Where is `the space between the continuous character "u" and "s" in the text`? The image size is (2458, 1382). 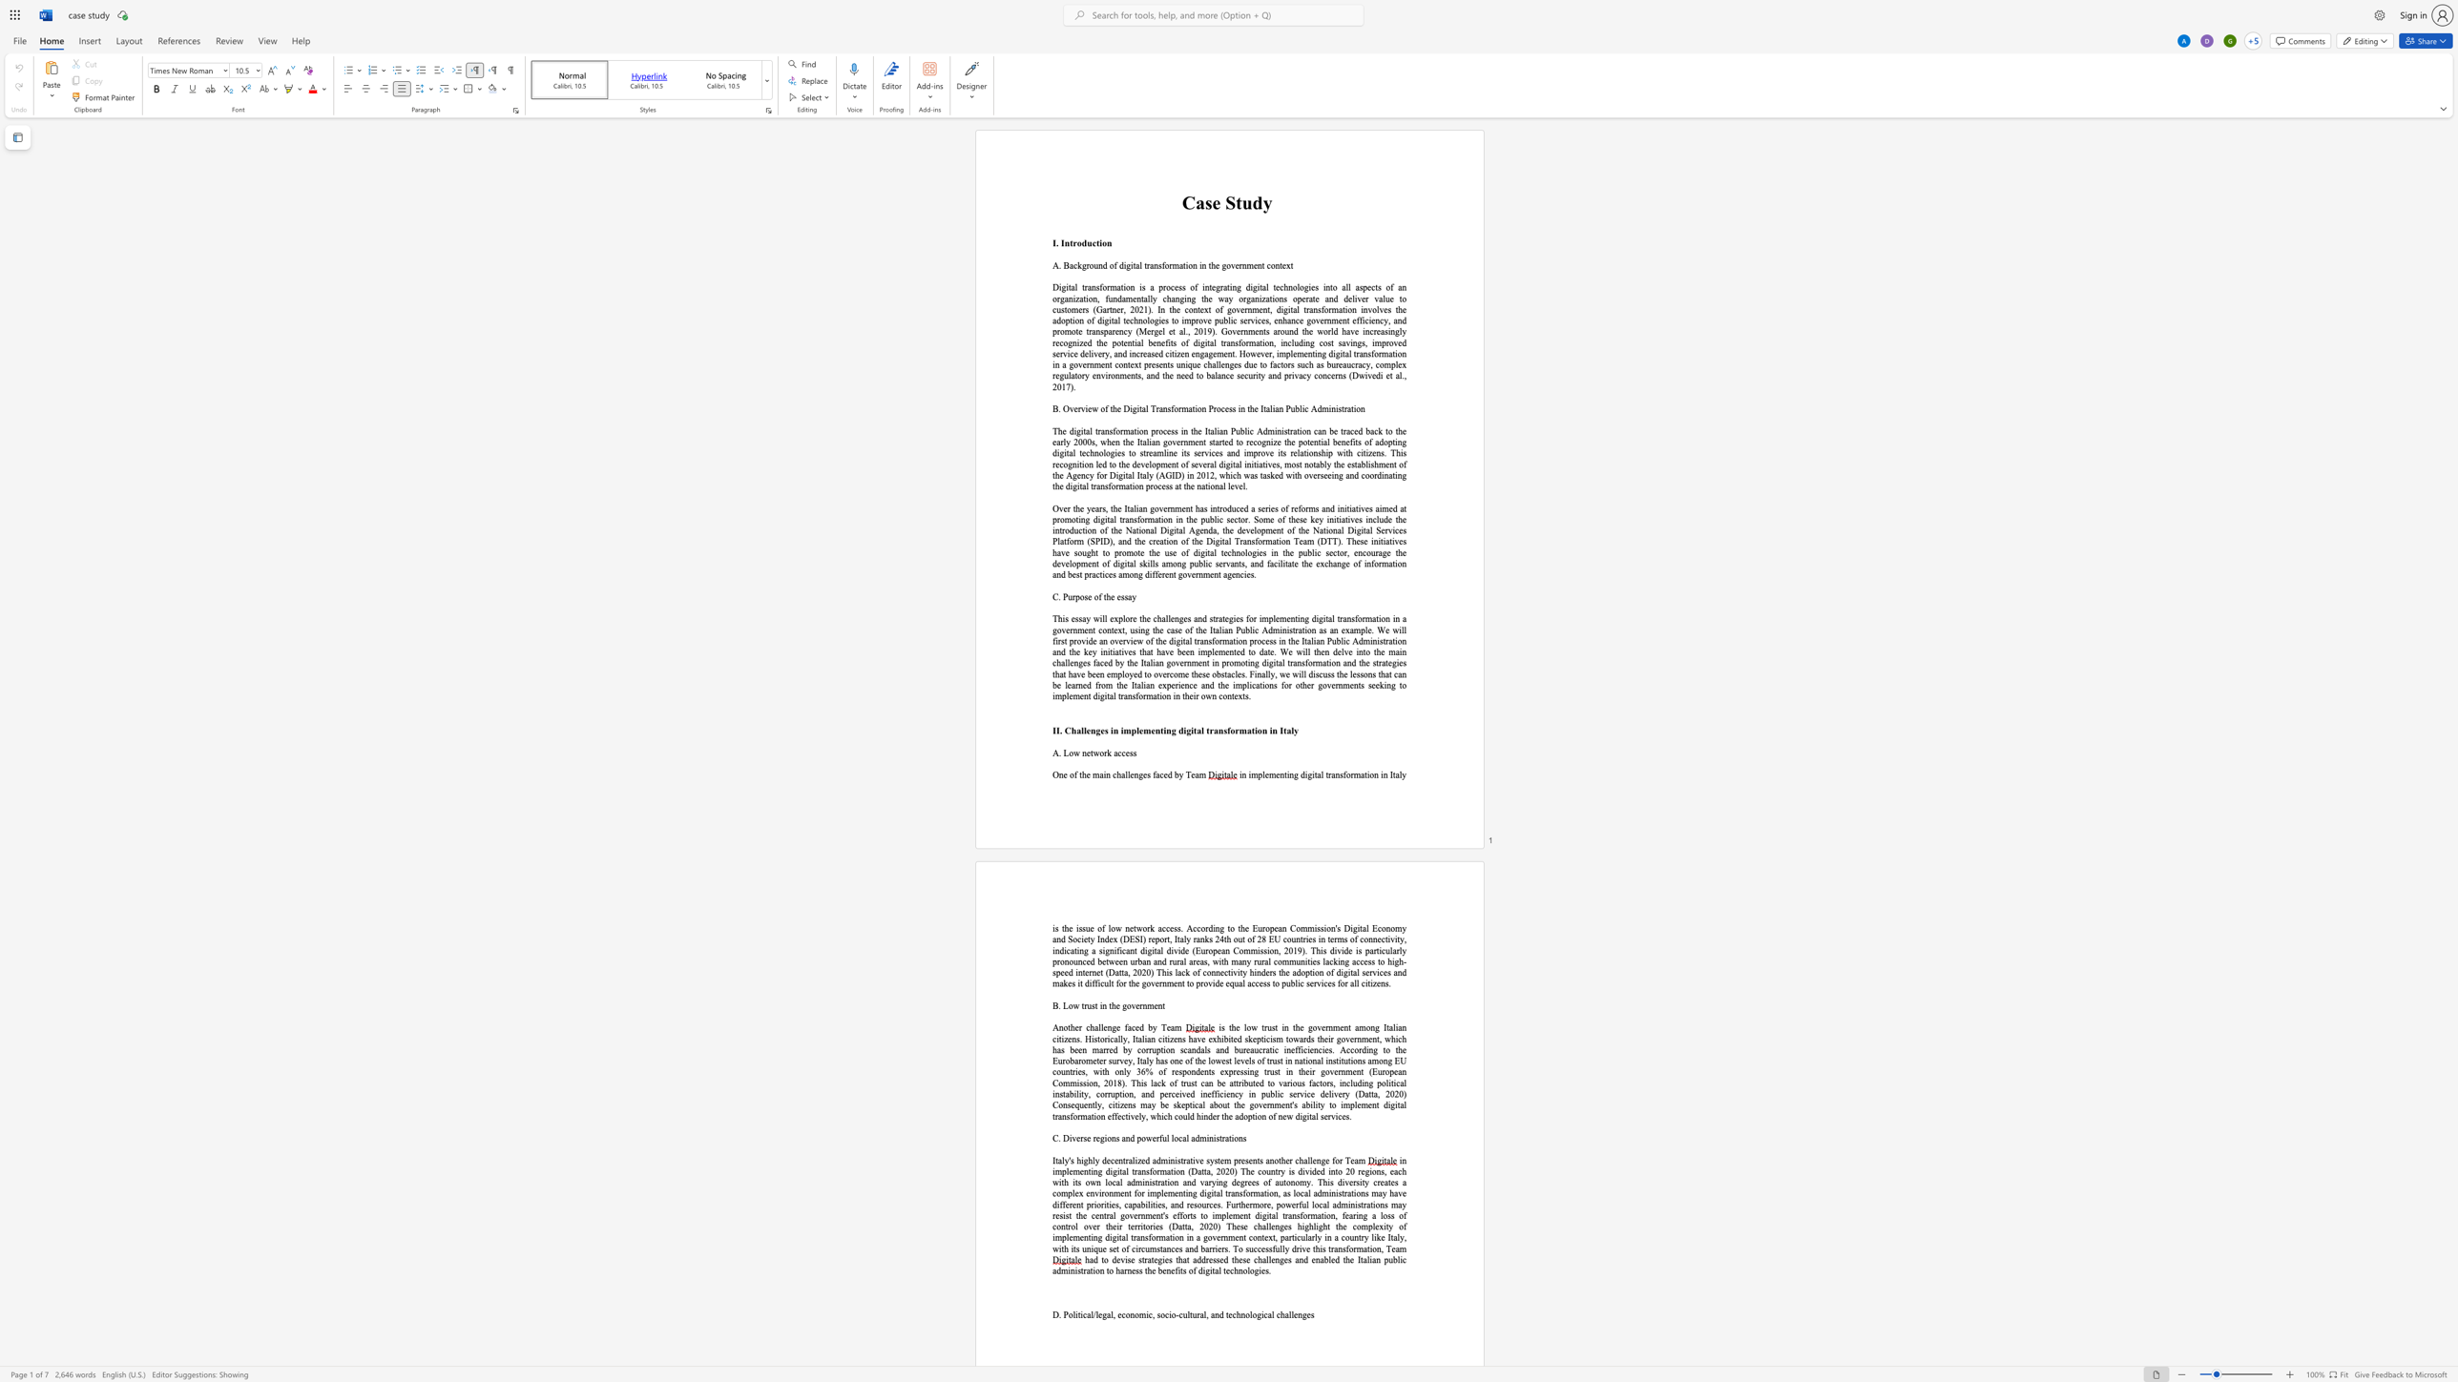
the space between the continuous character "u" and "s" in the text is located at coordinates (1090, 1005).